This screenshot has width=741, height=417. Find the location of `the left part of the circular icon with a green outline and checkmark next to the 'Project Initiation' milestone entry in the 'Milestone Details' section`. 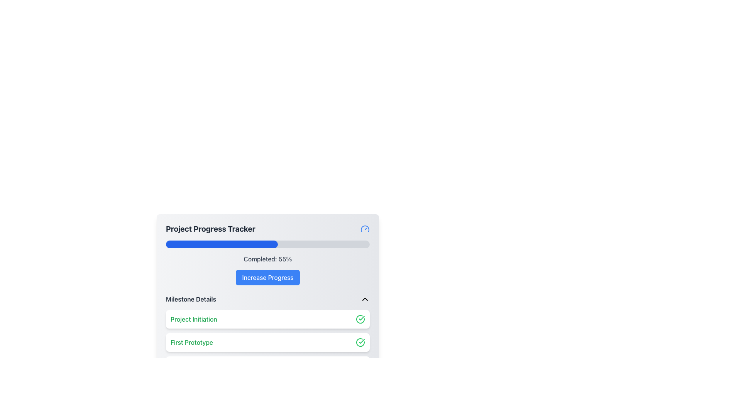

the left part of the circular icon with a green outline and checkmark next to the 'Project Initiation' milestone entry in the 'Milestone Details' section is located at coordinates (360, 319).